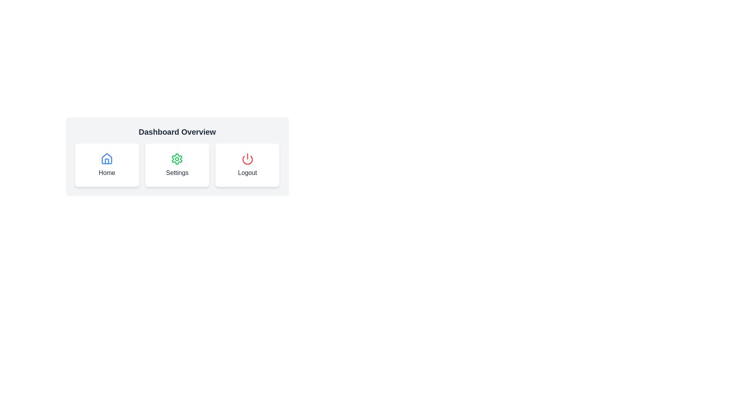  I want to click on the green gear icon within the 'Settings' card, so click(177, 159).